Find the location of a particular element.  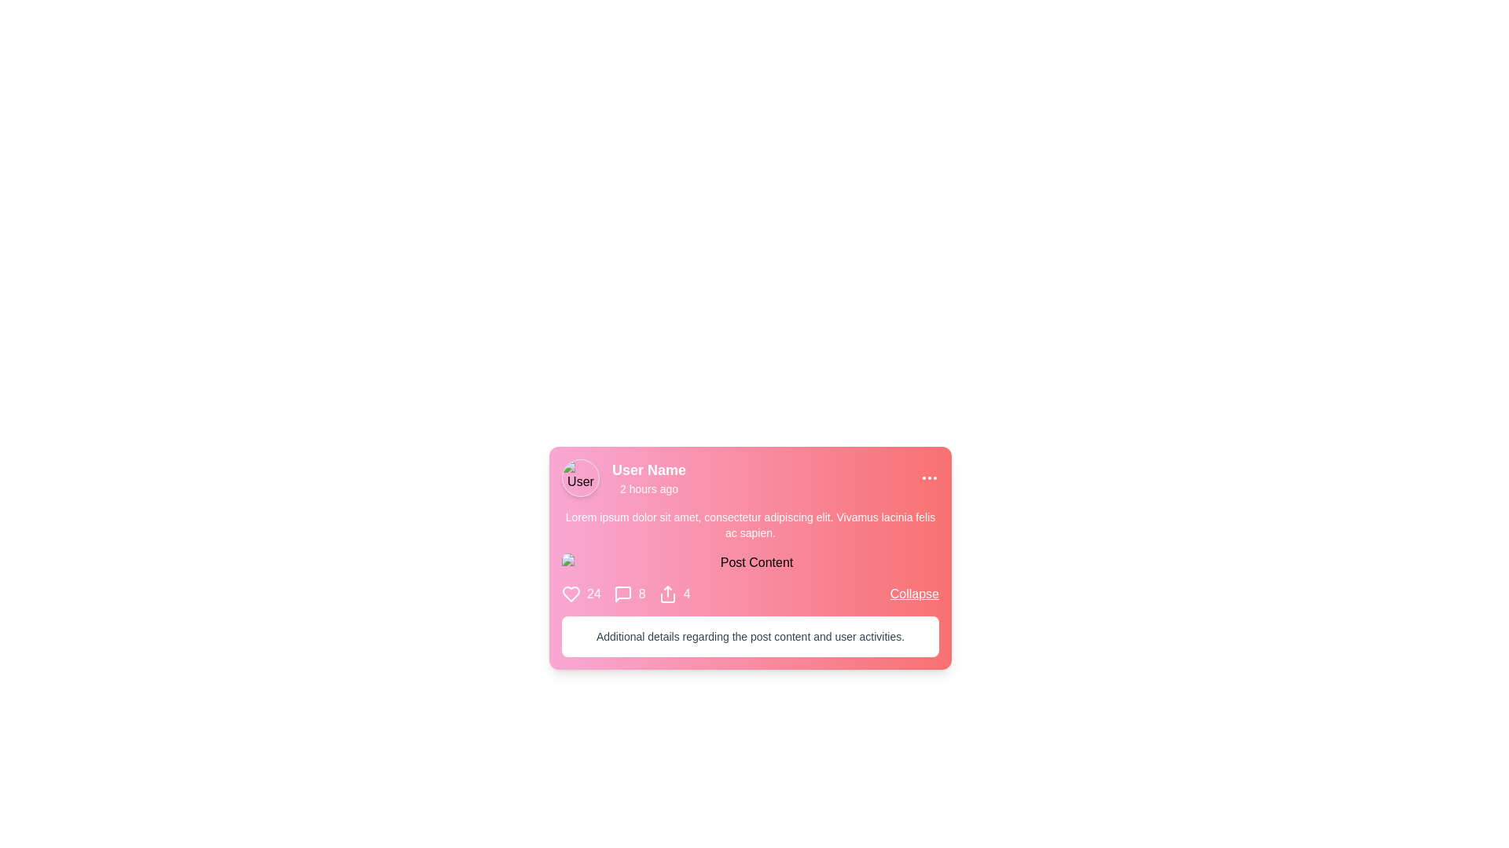

the centrally aligned informational text within the white rounded box at the bottom of the card, which provides context about the post content and user activities is located at coordinates (750, 636).